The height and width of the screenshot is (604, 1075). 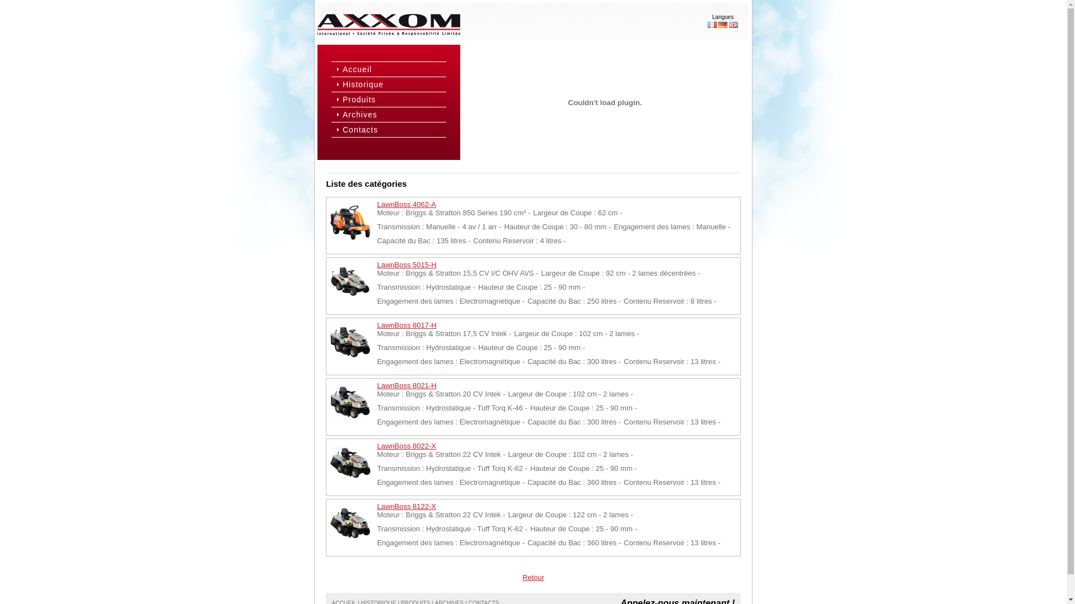 What do you see at coordinates (707, 25) in the screenshot?
I see `'FR'` at bounding box center [707, 25].